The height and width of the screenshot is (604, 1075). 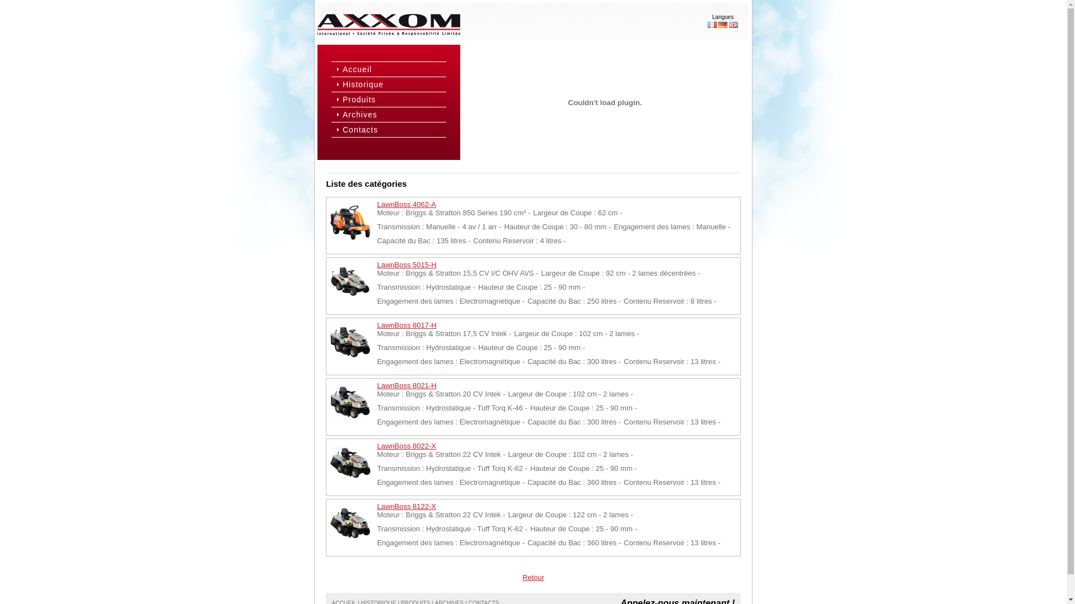 What do you see at coordinates (707, 25) in the screenshot?
I see `'FR'` at bounding box center [707, 25].